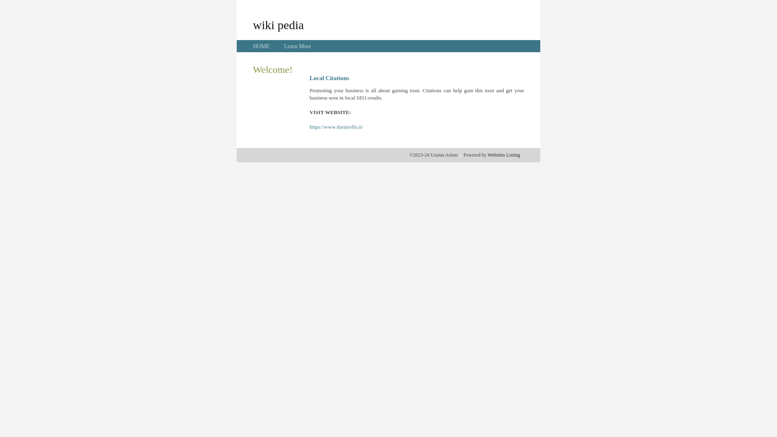 The image size is (777, 437). Describe the element at coordinates (336, 127) in the screenshot. I see `'https://www.ilariarollo.it/'` at that location.